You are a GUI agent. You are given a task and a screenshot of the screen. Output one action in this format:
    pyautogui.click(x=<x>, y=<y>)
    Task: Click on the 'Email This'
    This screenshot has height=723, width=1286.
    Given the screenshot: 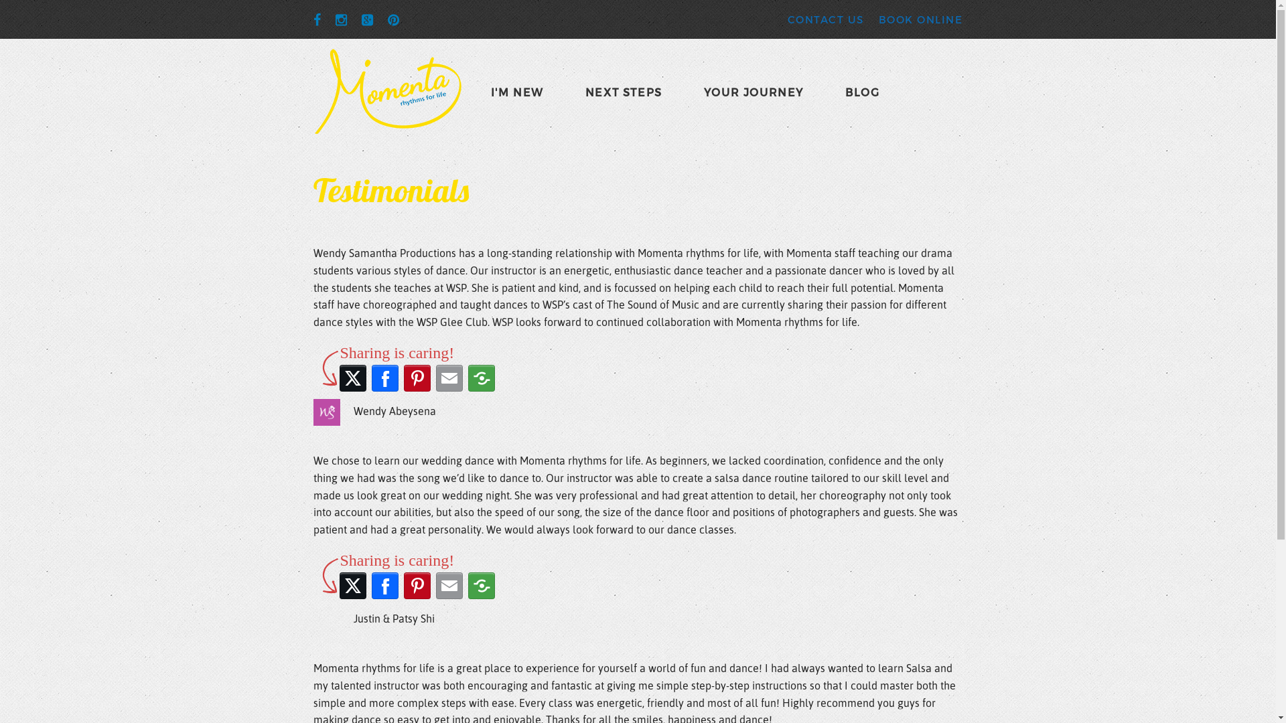 What is the action you would take?
    pyautogui.click(x=449, y=378)
    